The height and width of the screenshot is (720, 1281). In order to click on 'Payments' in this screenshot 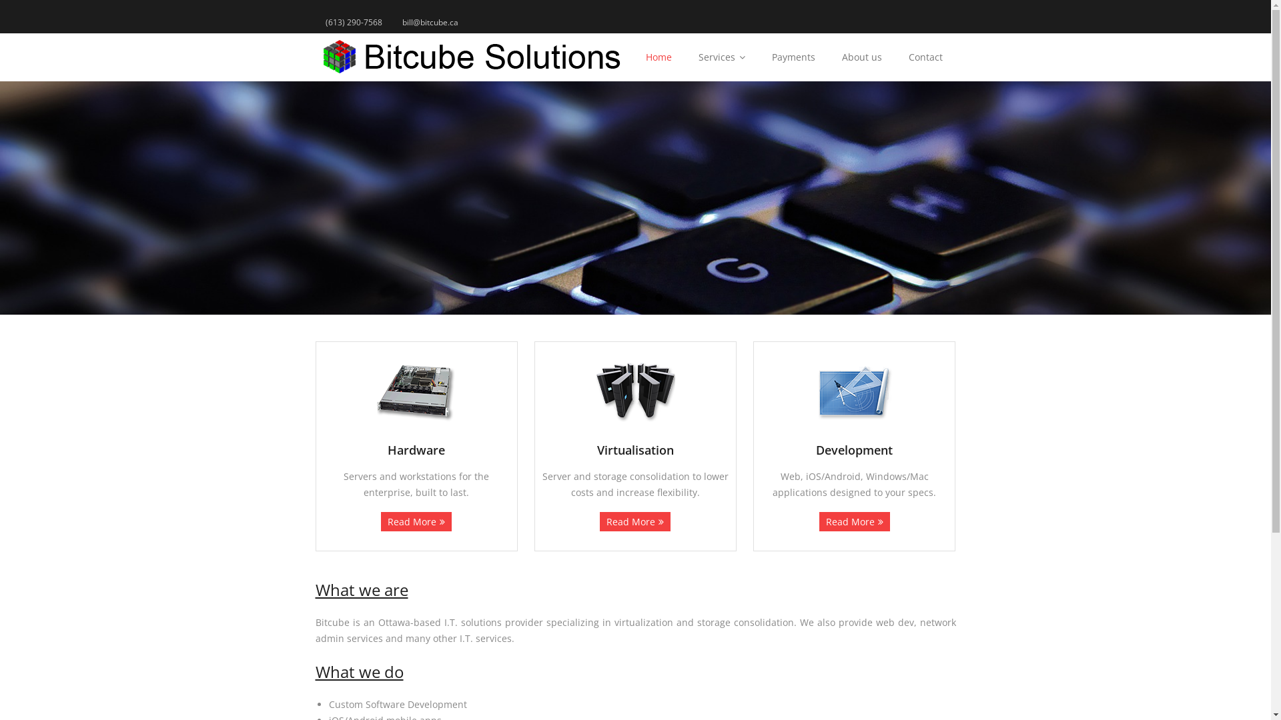, I will do `click(793, 56)`.